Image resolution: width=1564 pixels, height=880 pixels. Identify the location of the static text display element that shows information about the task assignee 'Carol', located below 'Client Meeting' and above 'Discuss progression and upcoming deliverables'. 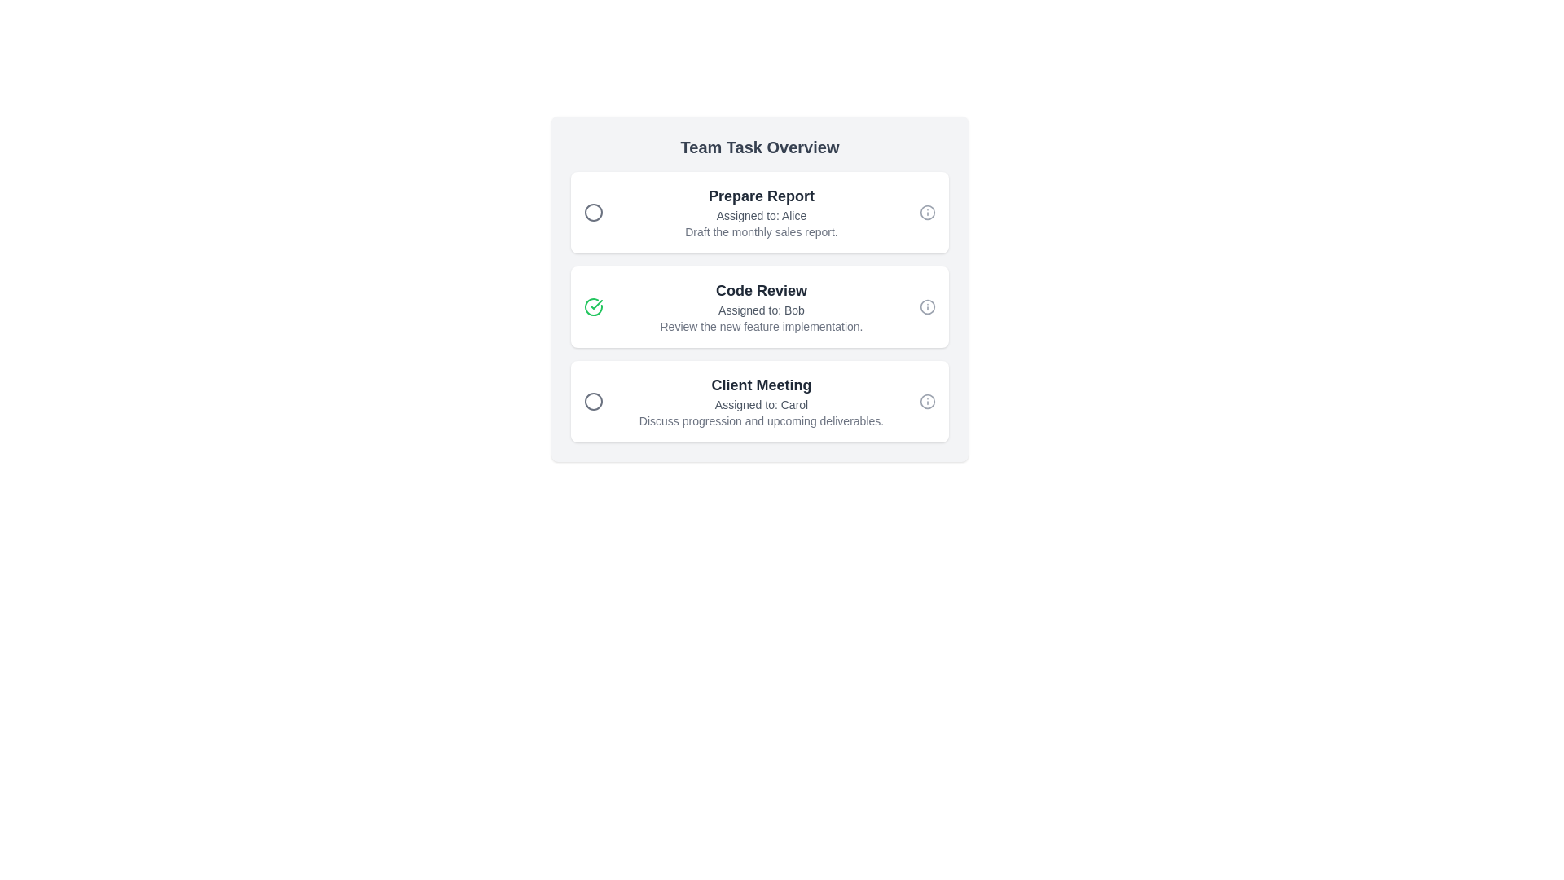
(761, 404).